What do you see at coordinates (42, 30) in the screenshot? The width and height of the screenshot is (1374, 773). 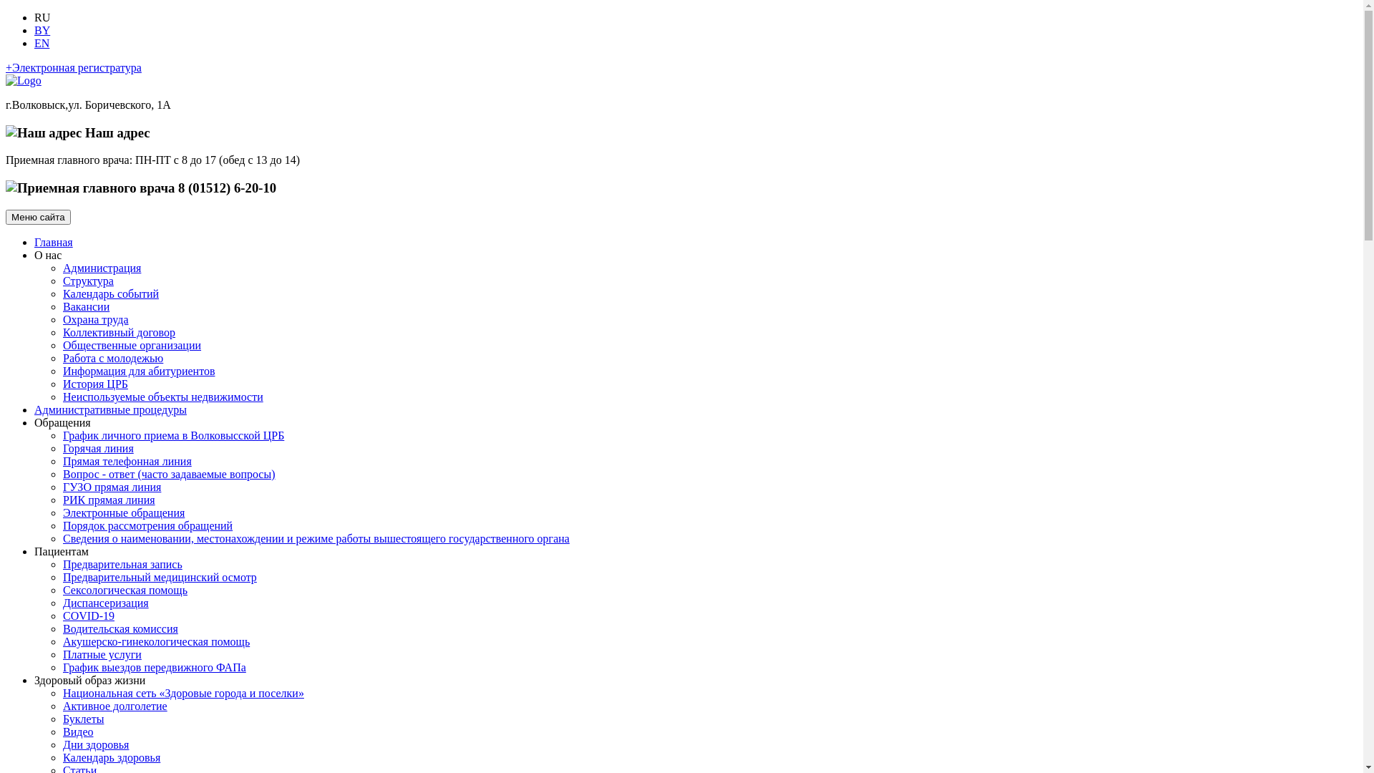 I see `'BY'` at bounding box center [42, 30].